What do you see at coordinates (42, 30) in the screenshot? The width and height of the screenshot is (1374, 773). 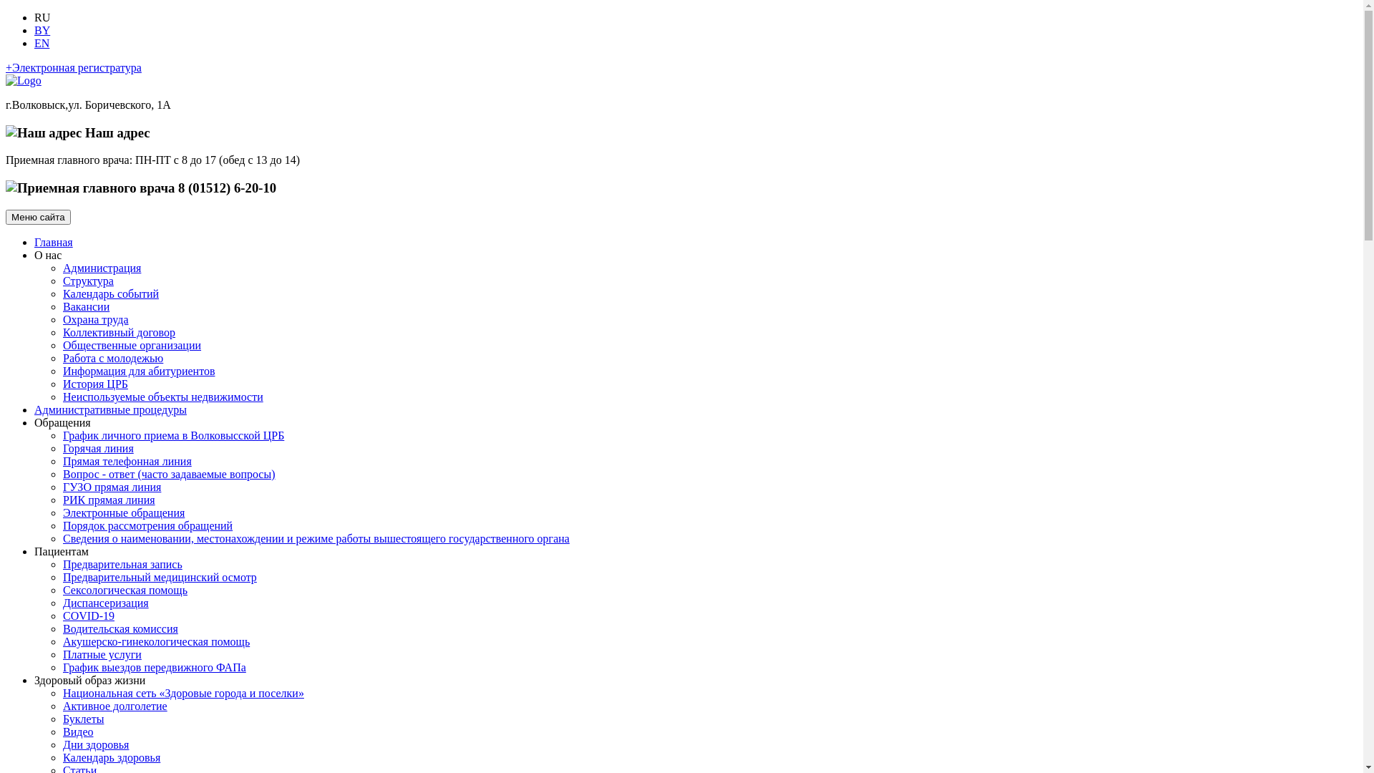 I see `'BY'` at bounding box center [42, 30].